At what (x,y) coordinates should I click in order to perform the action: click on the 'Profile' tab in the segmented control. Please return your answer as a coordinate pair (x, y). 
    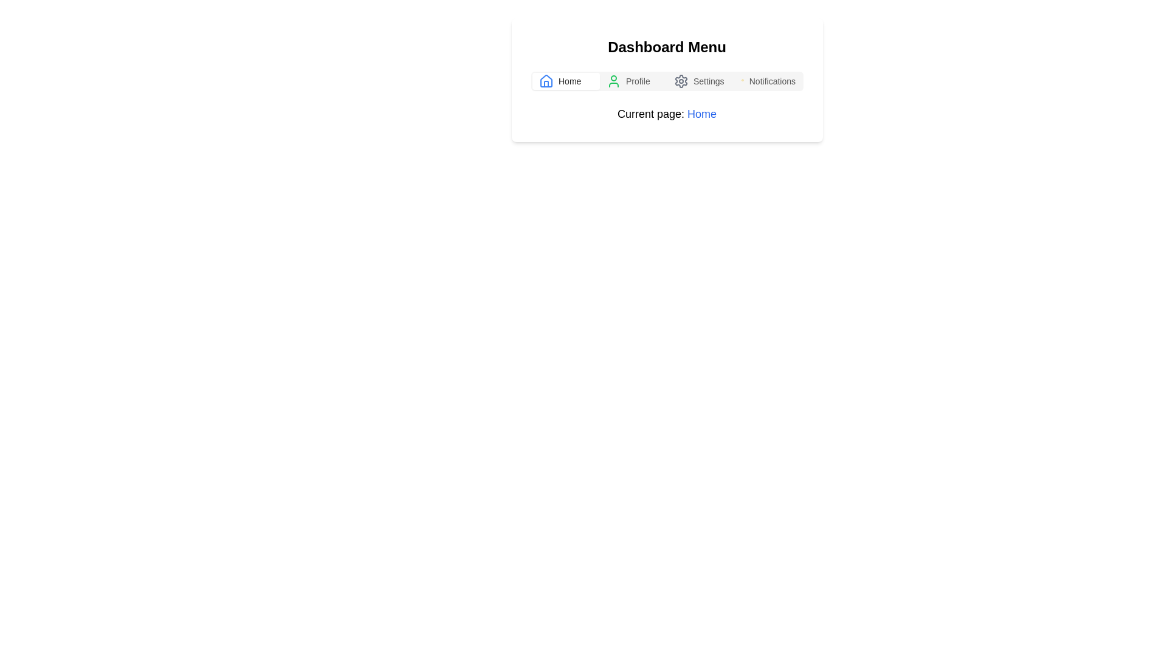
    Looking at the image, I should click on (632, 81).